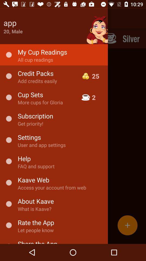 The image size is (146, 261). Describe the element at coordinates (127, 225) in the screenshot. I see `the add icon` at that location.